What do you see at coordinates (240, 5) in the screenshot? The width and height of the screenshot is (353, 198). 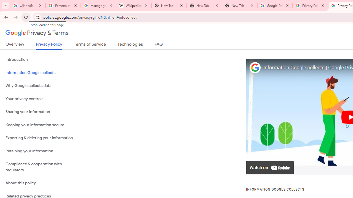 I see `'New Tab'` at bounding box center [240, 5].